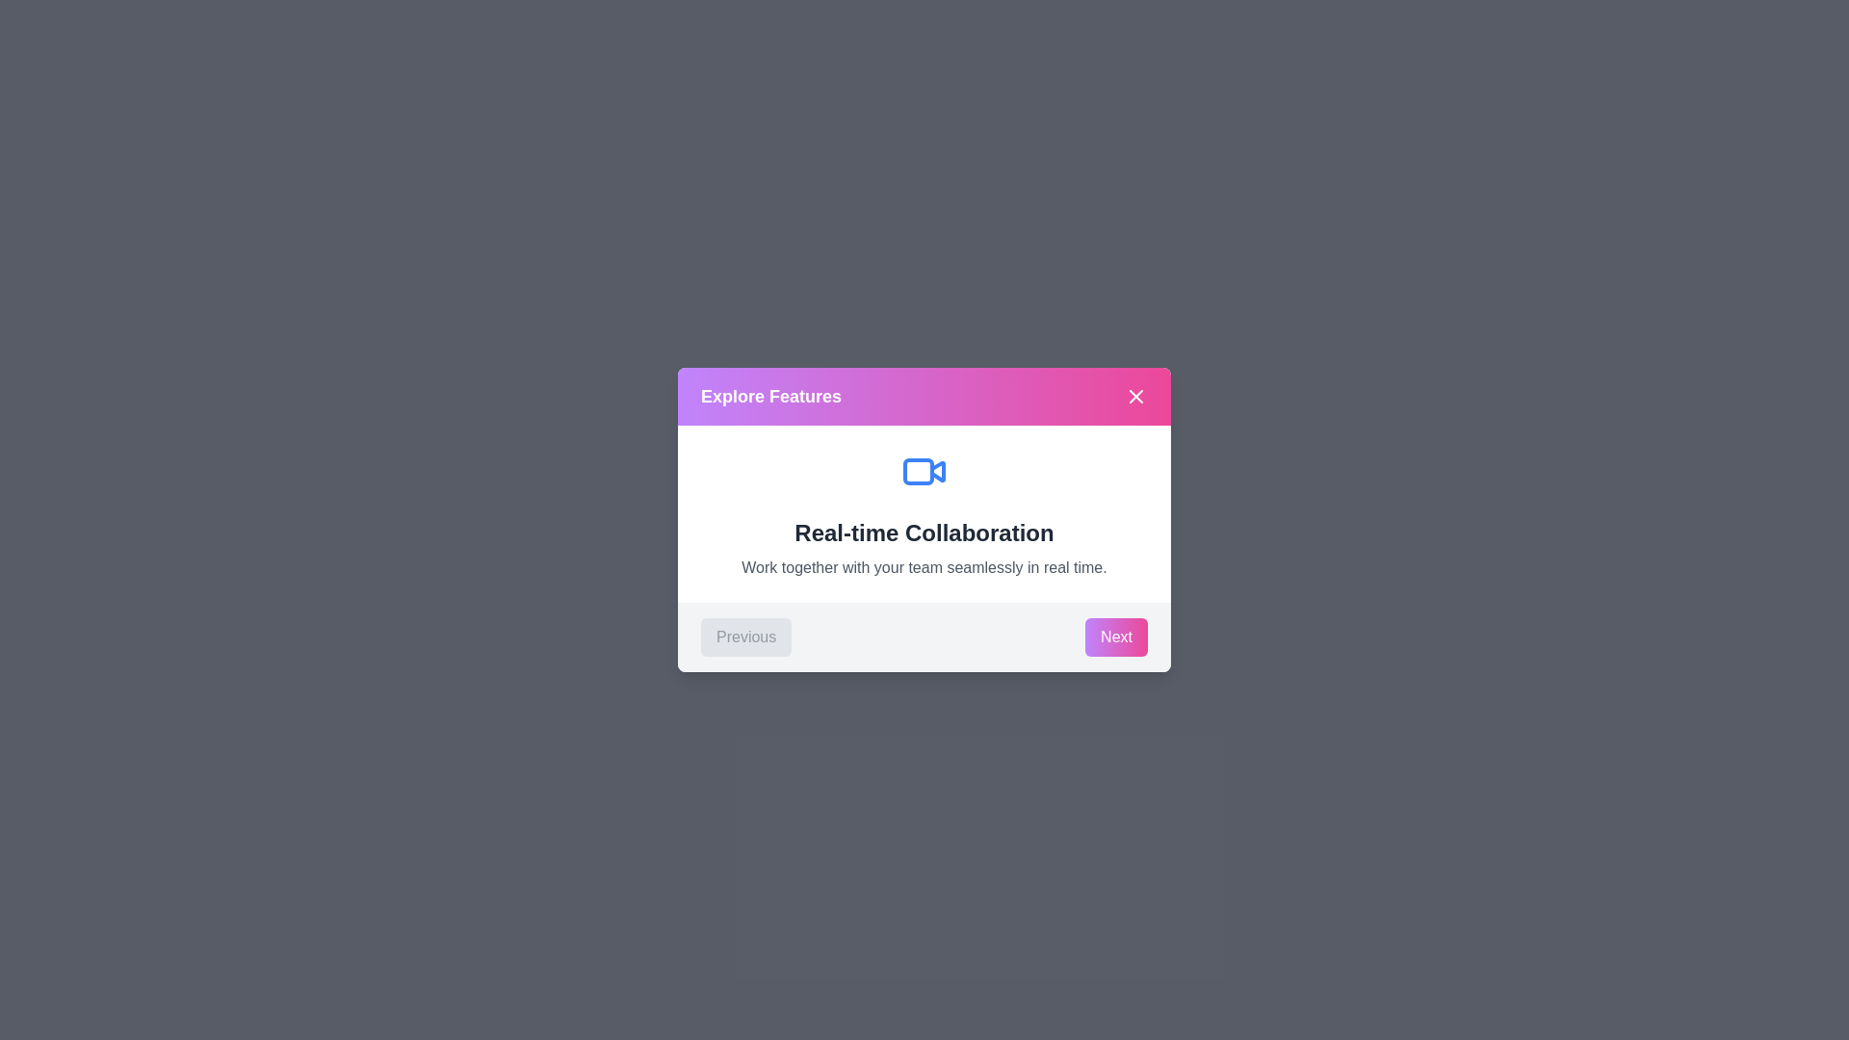  I want to click on the instructional text about 'Real-time Collaboration' located in the modal popup beneath the title, so click(924, 567).